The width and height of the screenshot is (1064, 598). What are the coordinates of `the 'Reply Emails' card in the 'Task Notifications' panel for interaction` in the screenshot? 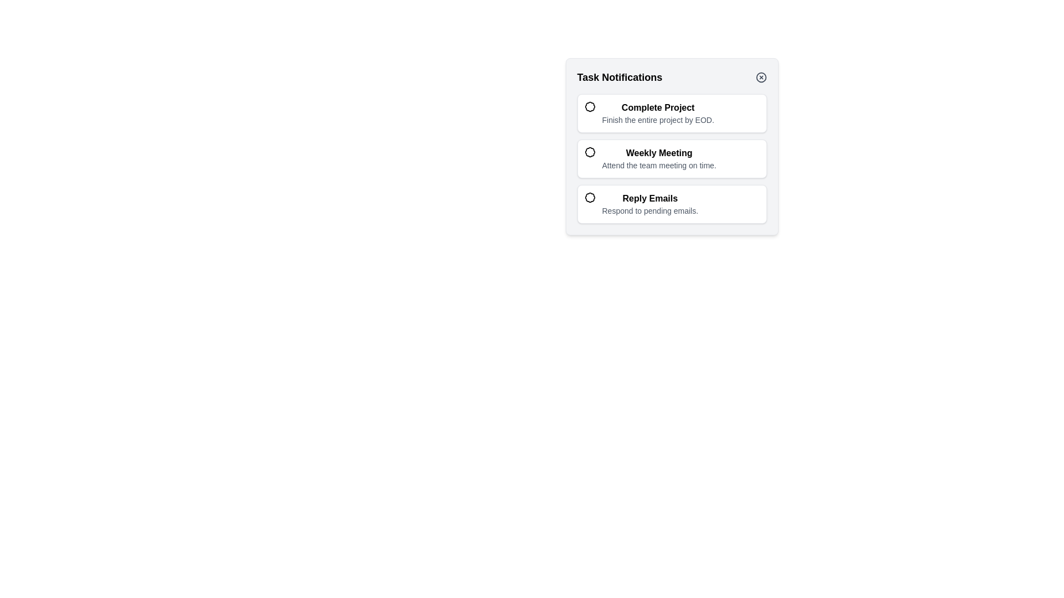 It's located at (671, 204).